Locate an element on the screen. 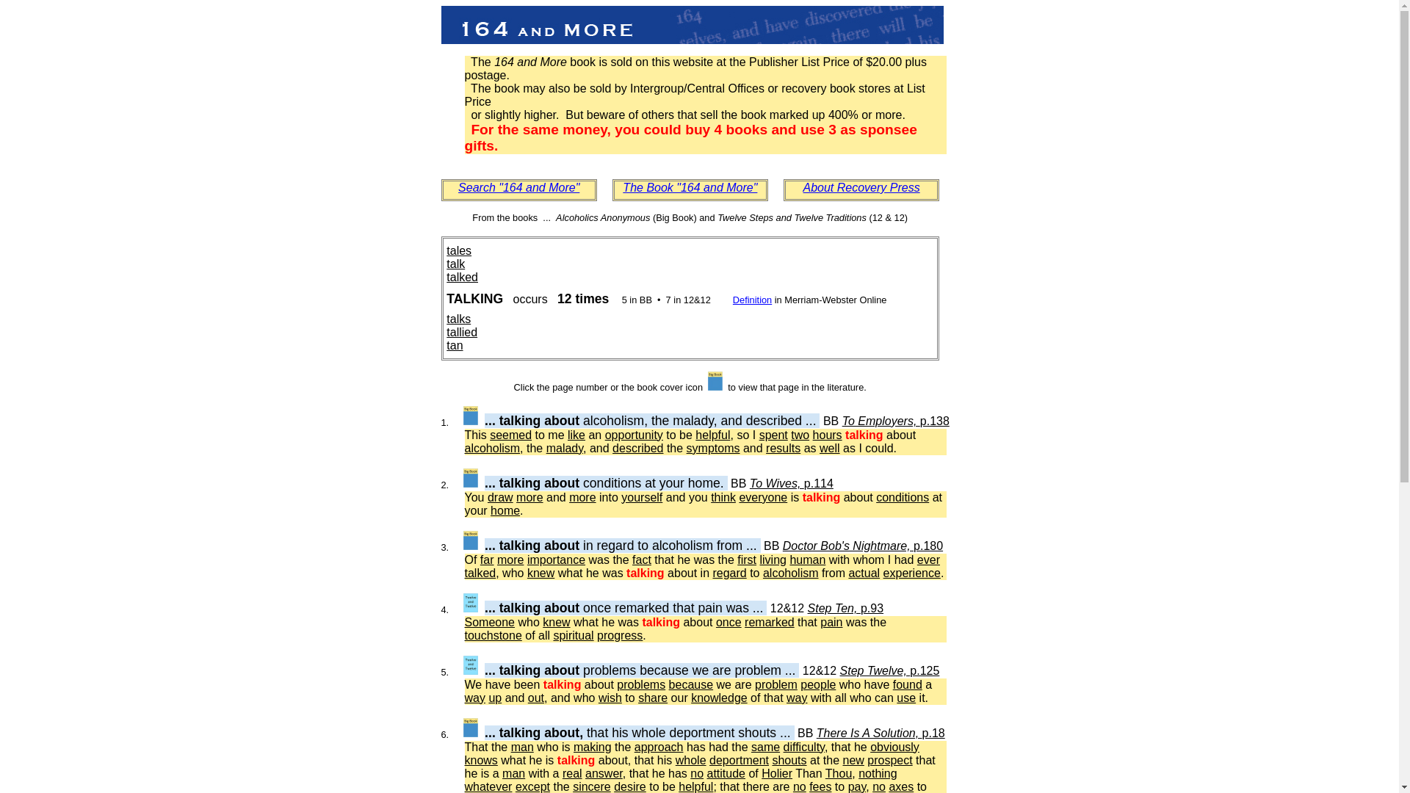 This screenshot has height=793, width=1410. 'conditions' is located at coordinates (901, 496).